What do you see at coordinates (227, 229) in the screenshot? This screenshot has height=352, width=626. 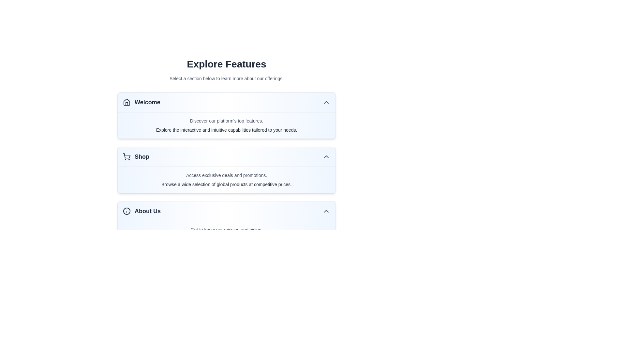 I see `the introductory static text in the 'About Us' section, which is the first line of text providing an overview of the section` at bounding box center [227, 229].